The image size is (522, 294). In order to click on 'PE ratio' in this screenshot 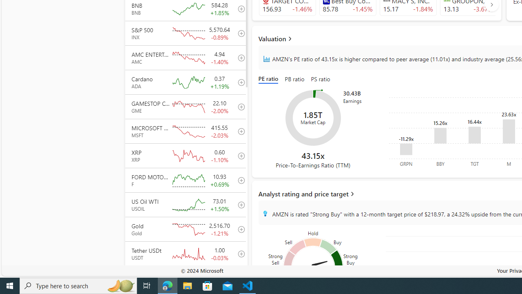, I will do `click(270, 80)`.